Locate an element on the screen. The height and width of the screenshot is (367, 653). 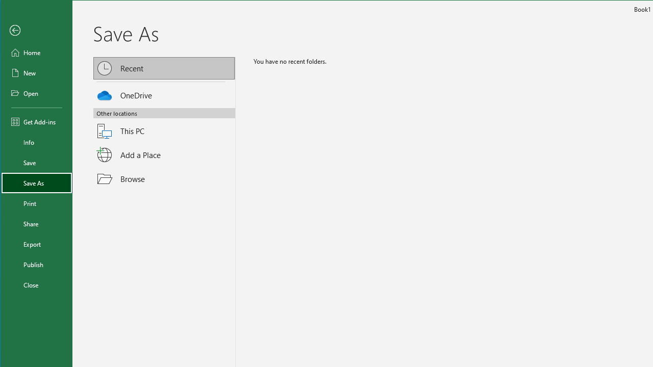
'Print' is located at coordinates (37, 203).